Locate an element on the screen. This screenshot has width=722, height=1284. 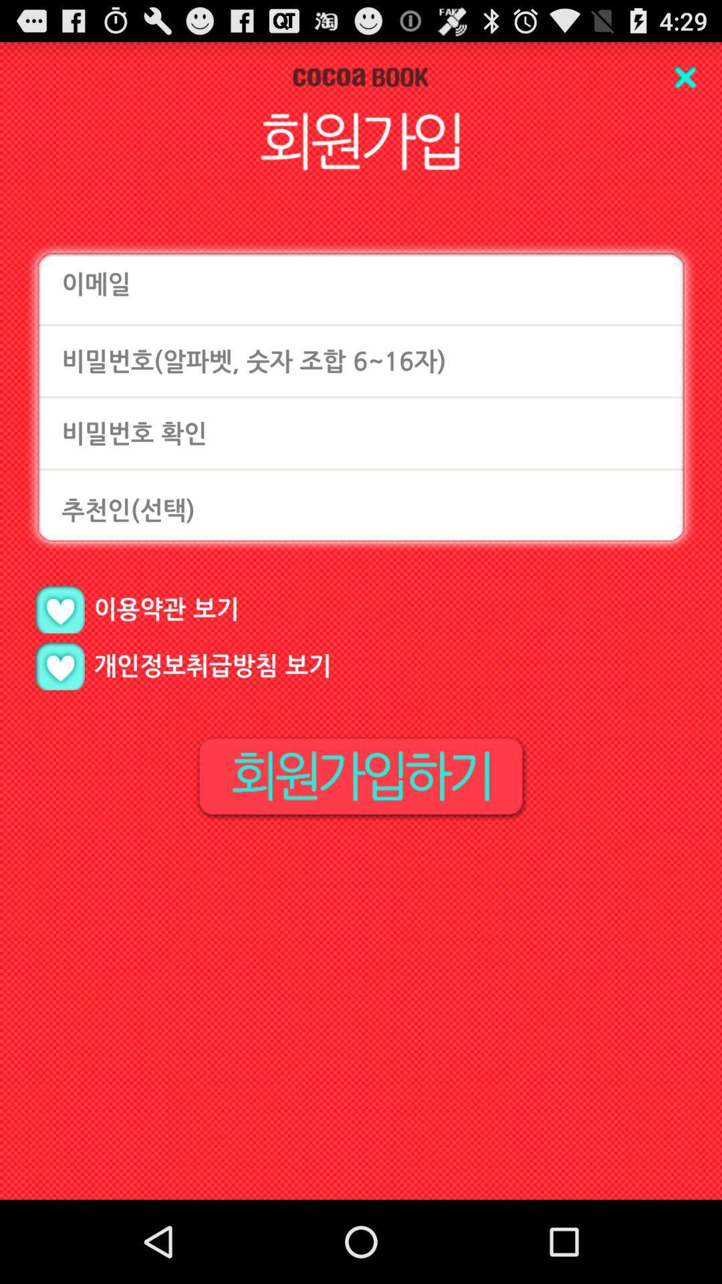
like this option is located at coordinates (59, 609).